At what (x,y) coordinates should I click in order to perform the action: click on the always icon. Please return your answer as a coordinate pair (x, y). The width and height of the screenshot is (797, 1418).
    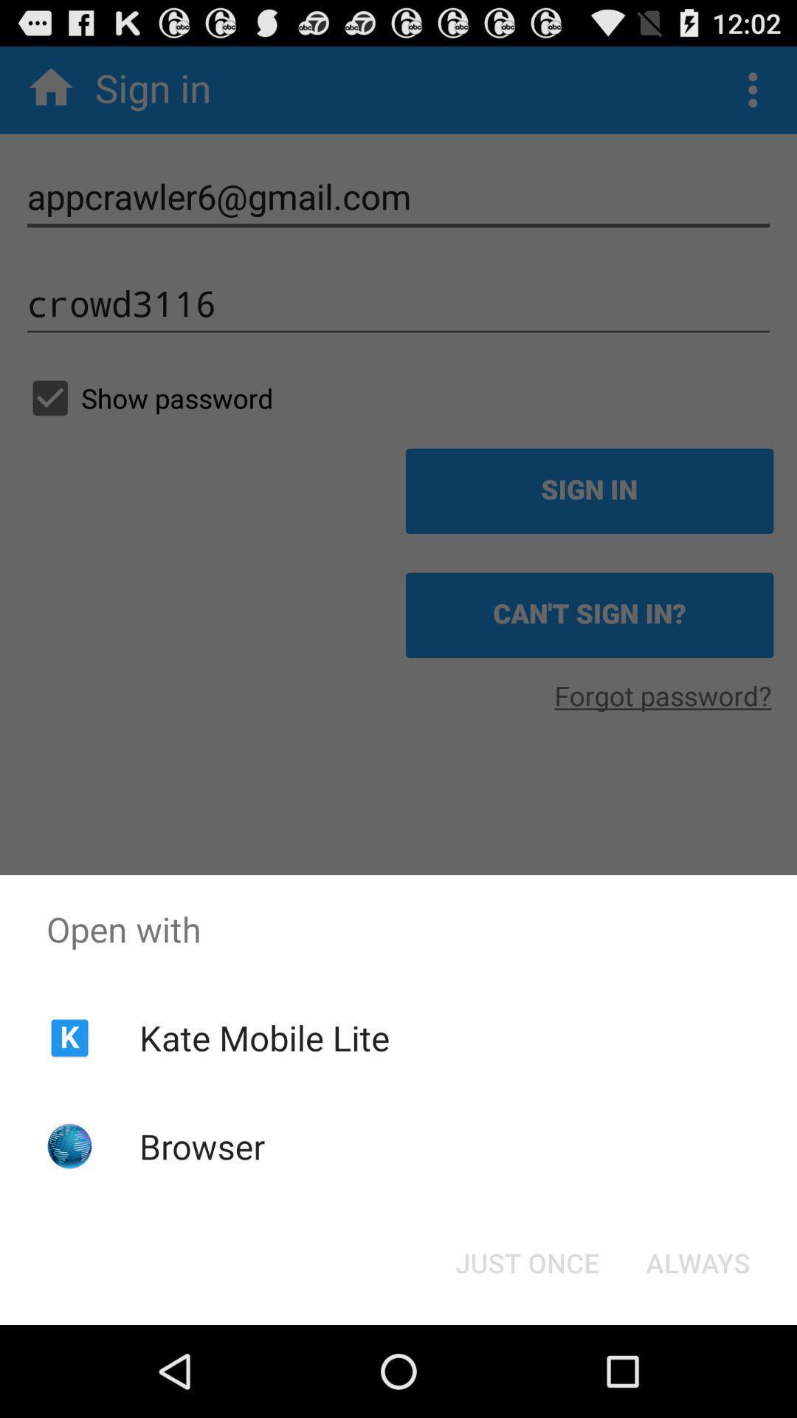
    Looking at the image, I should click on (697, 1261).